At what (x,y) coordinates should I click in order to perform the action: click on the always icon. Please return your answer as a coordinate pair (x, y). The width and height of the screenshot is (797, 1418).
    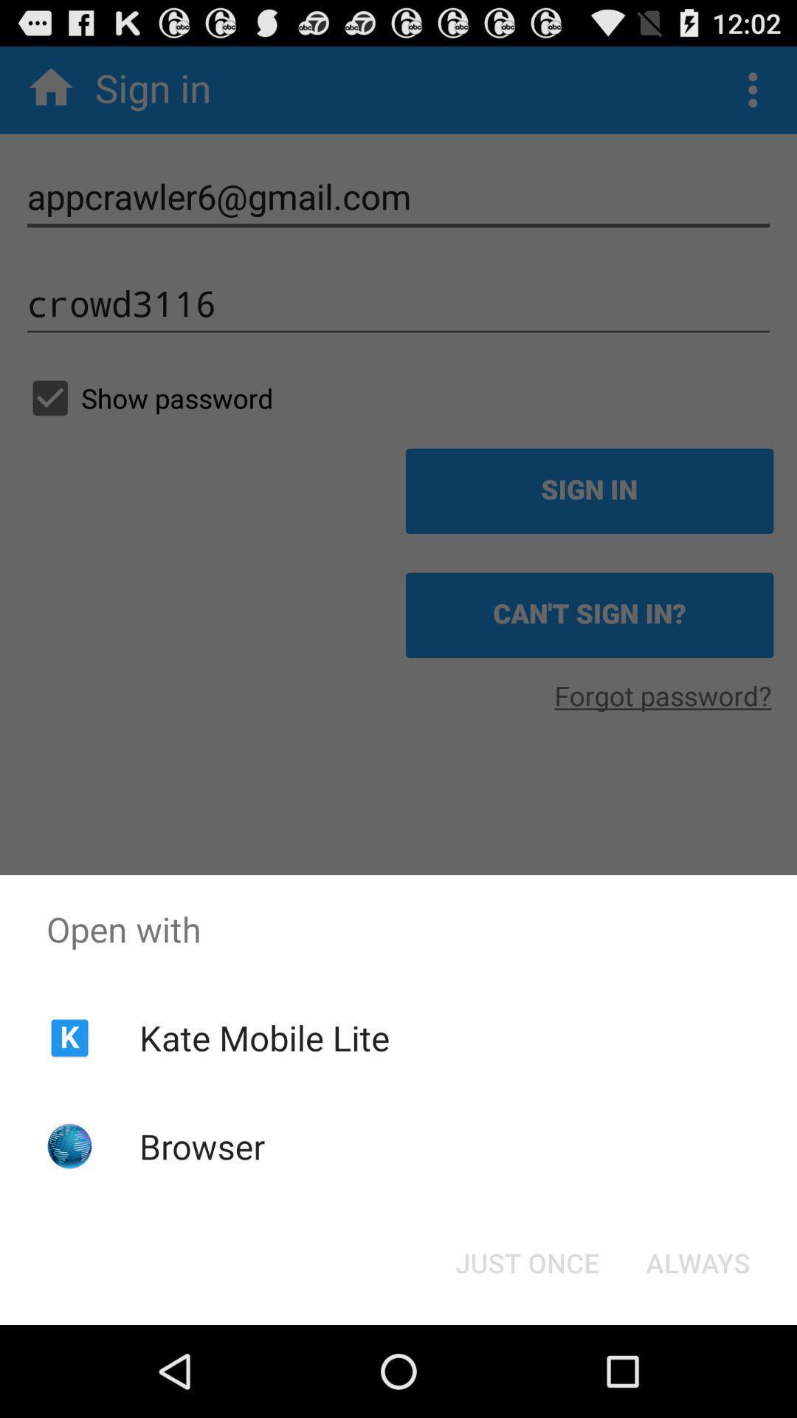
    Looking at the image, I should click on (697, 1261).